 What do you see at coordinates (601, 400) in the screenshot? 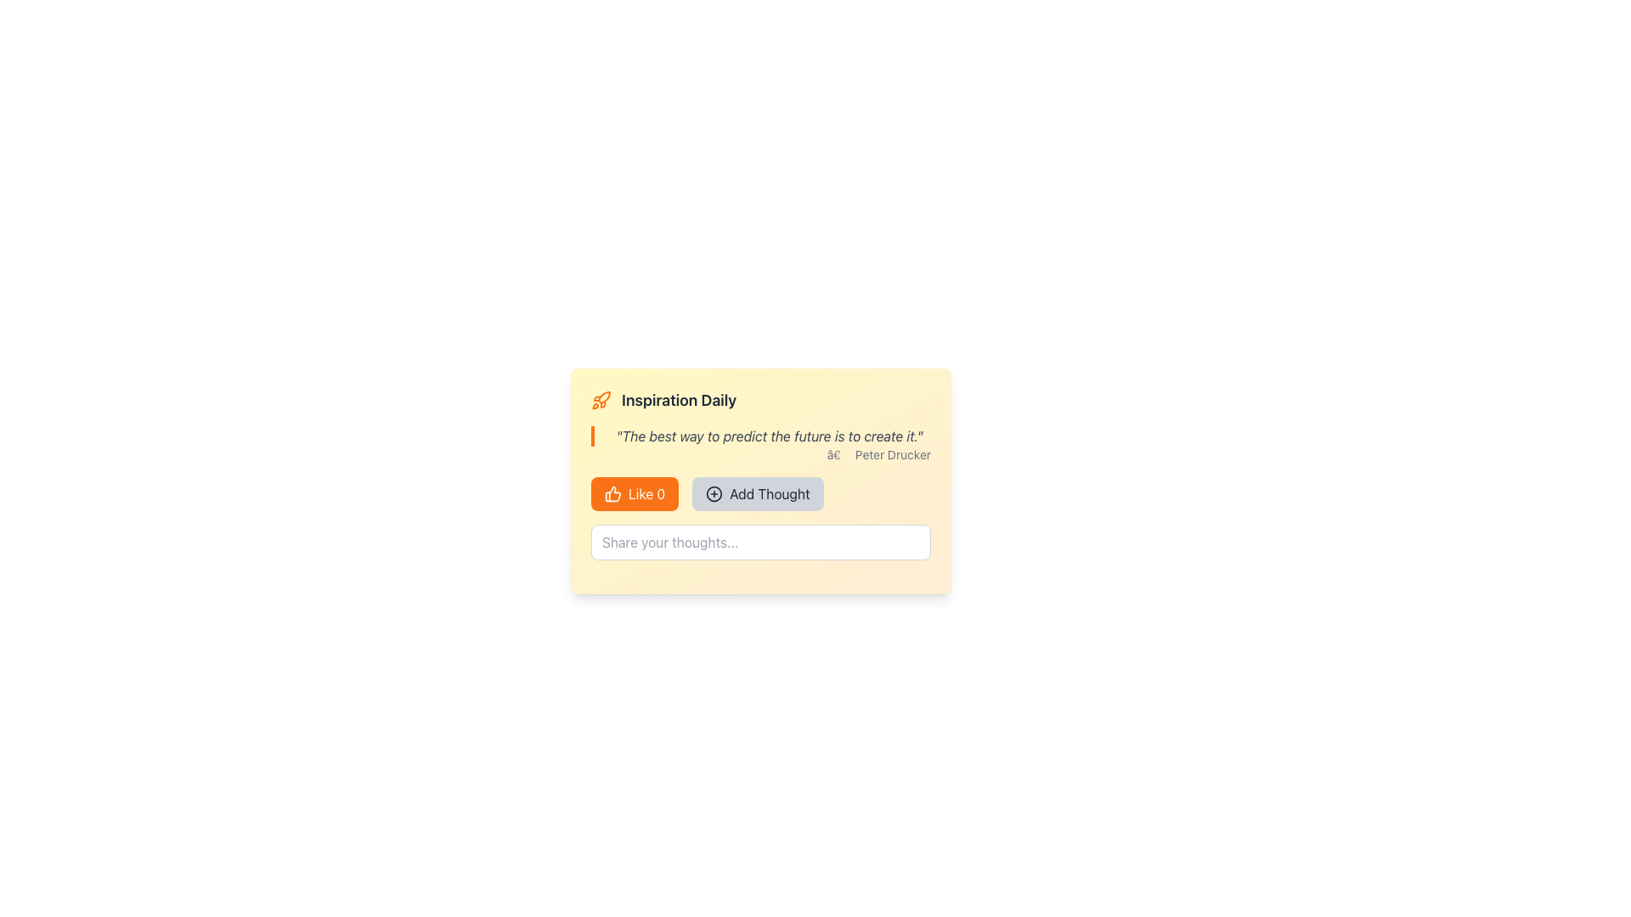
I see `the decorative icon positioned to the far left of the heading text 'Inspiration Daily'. This icon represents inspiration or creativity and is the first item in a horizontal layout` at bounding box center [601, 400].